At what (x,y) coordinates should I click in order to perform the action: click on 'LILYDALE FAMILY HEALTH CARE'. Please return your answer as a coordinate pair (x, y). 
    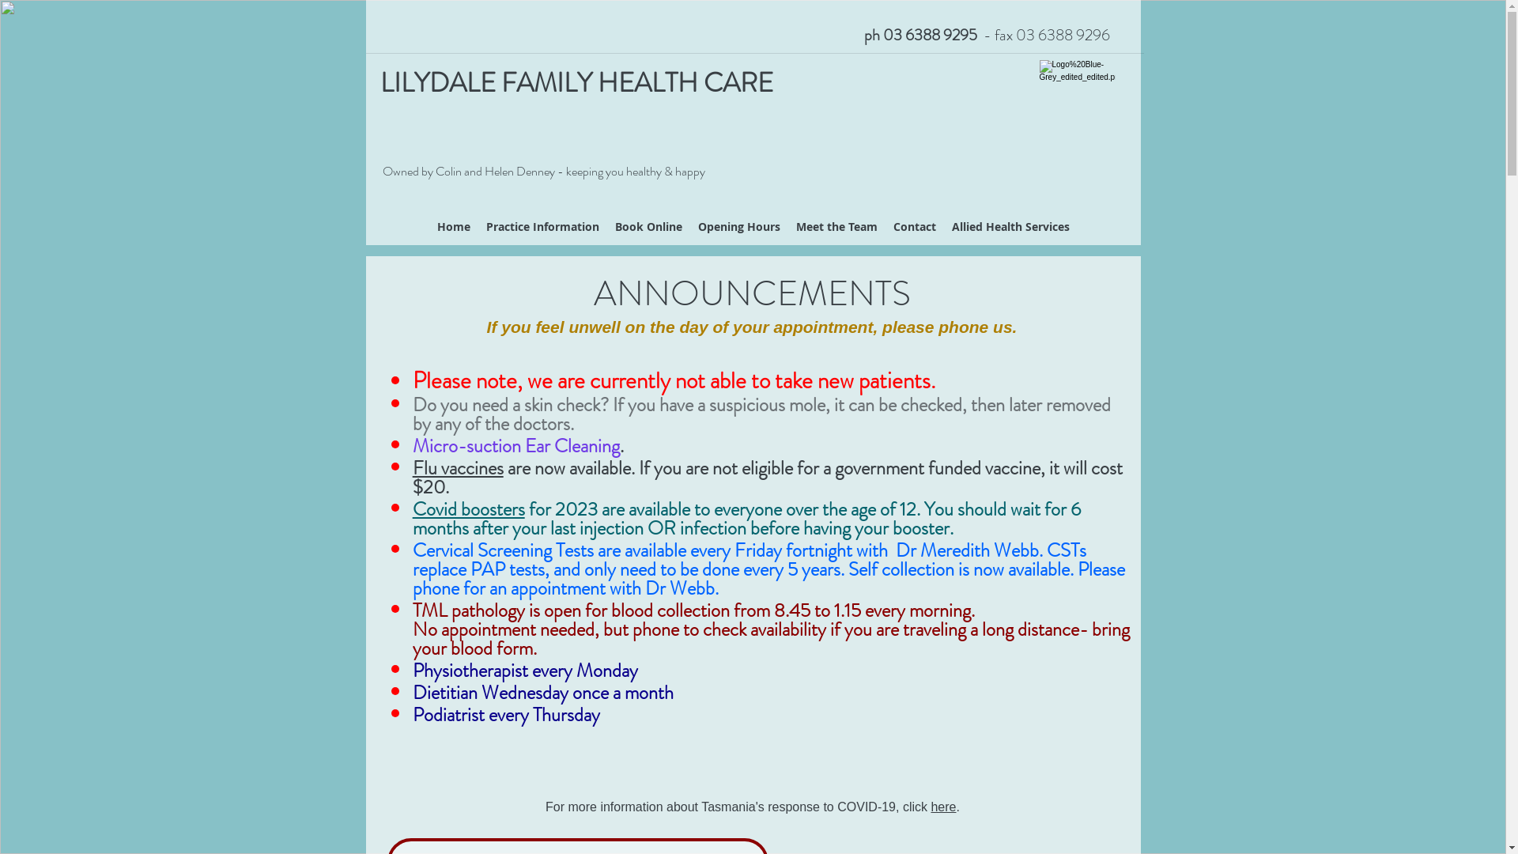
    Looking at the image, I should click on (575, 82).